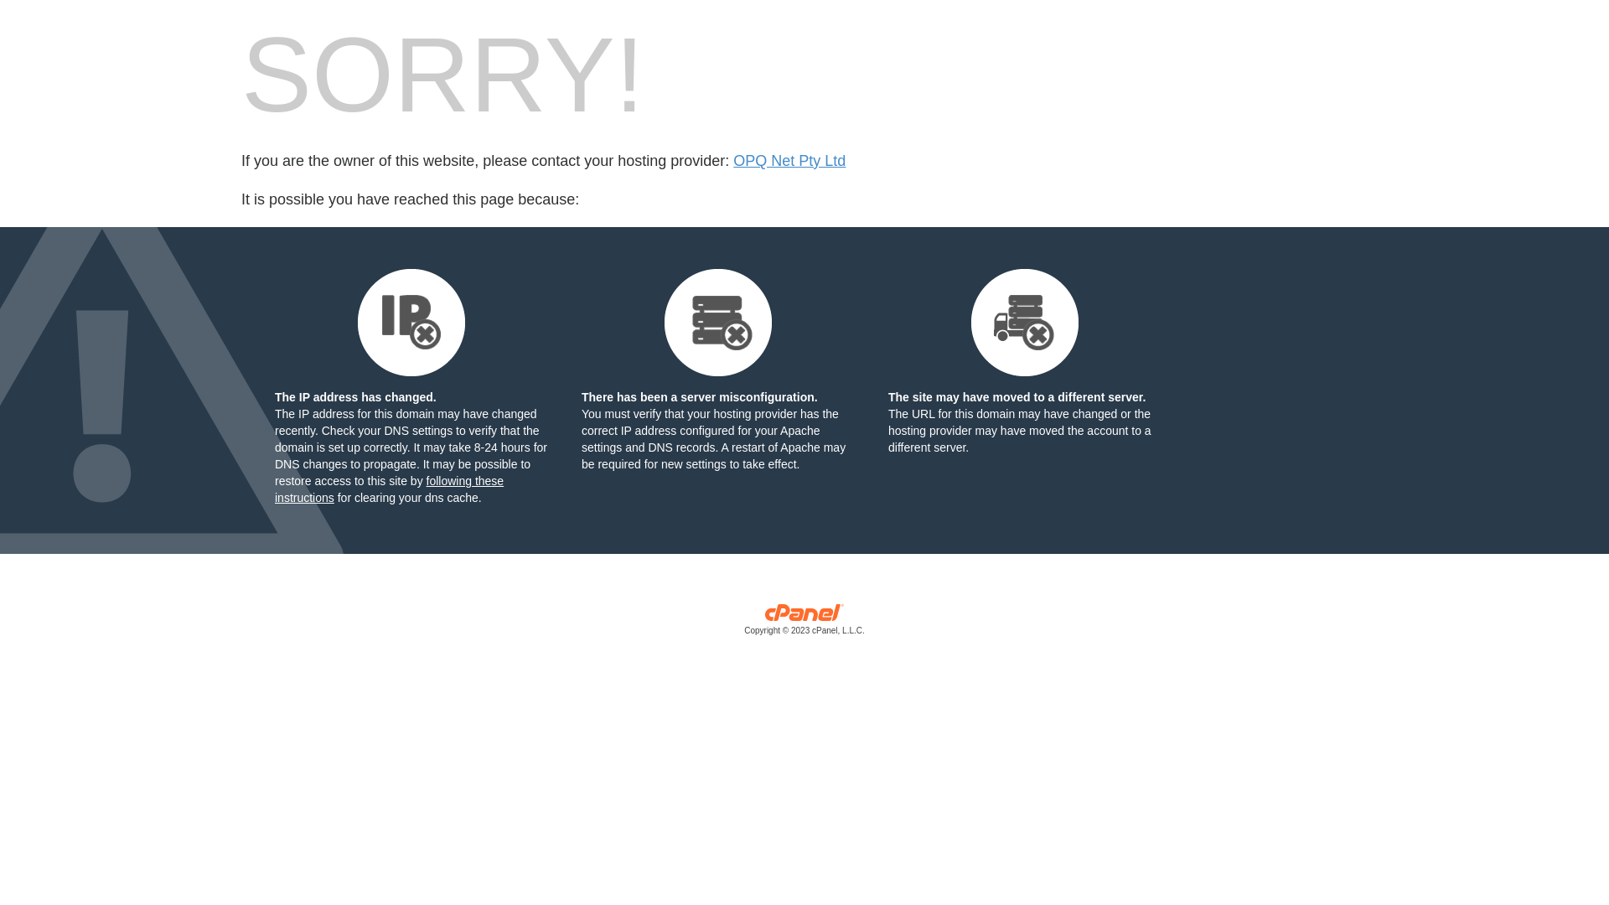 The width and height of the screenshot is (1609, 905). I want to click on 'following these instructions', so click(388, 489).